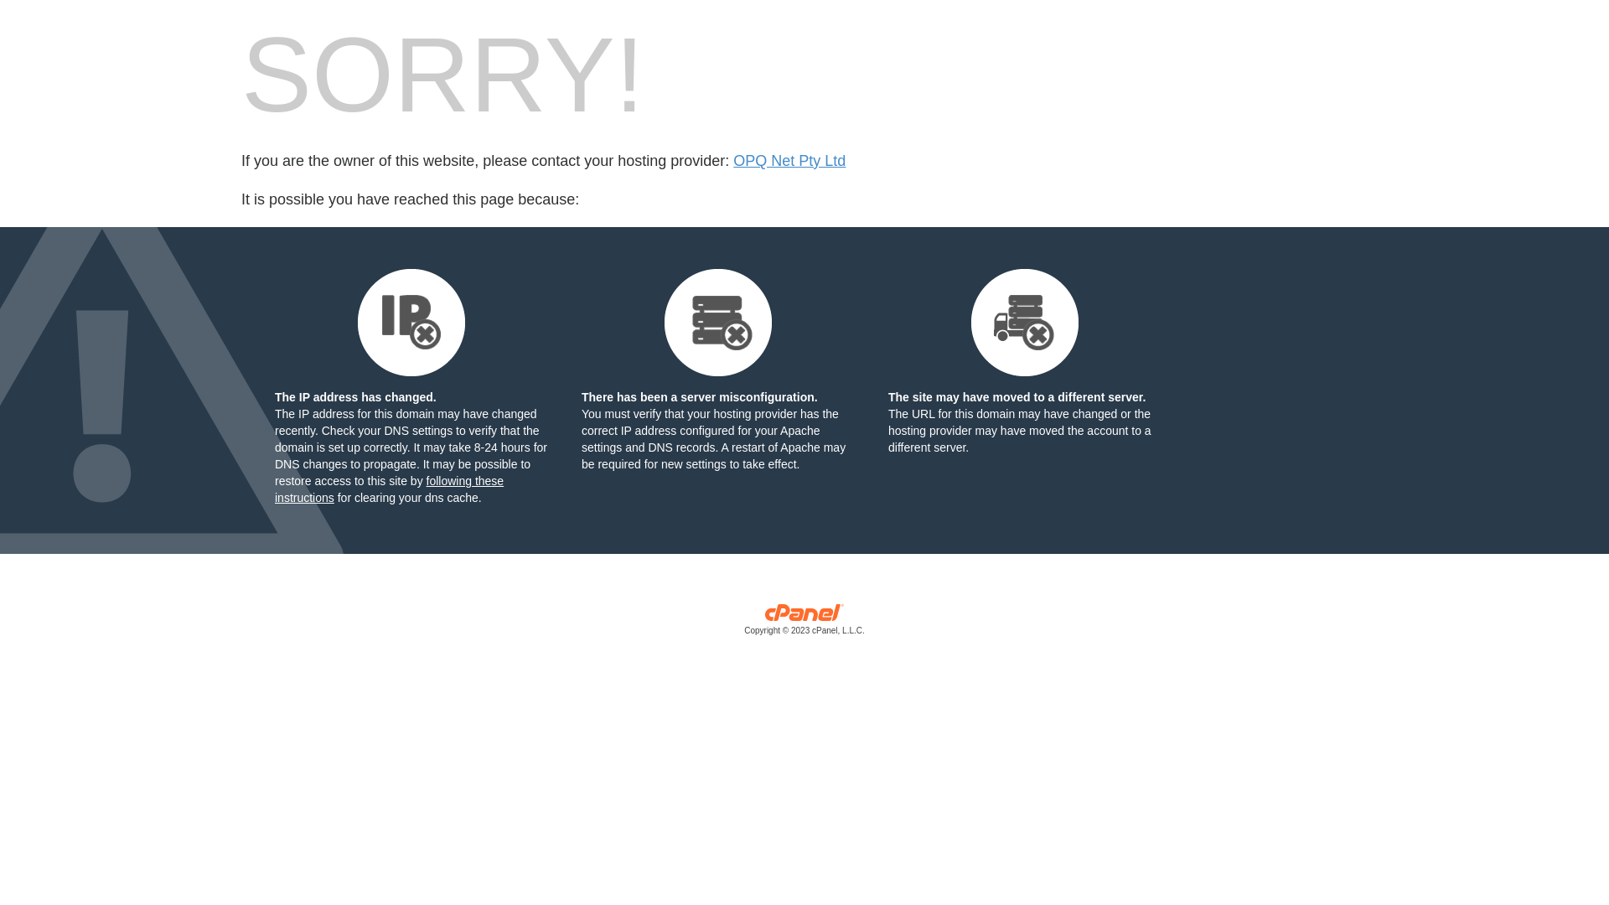 The width and height of the screenshot is (1609, 905). I want to click on 'following these instructions', so click(388, 489).